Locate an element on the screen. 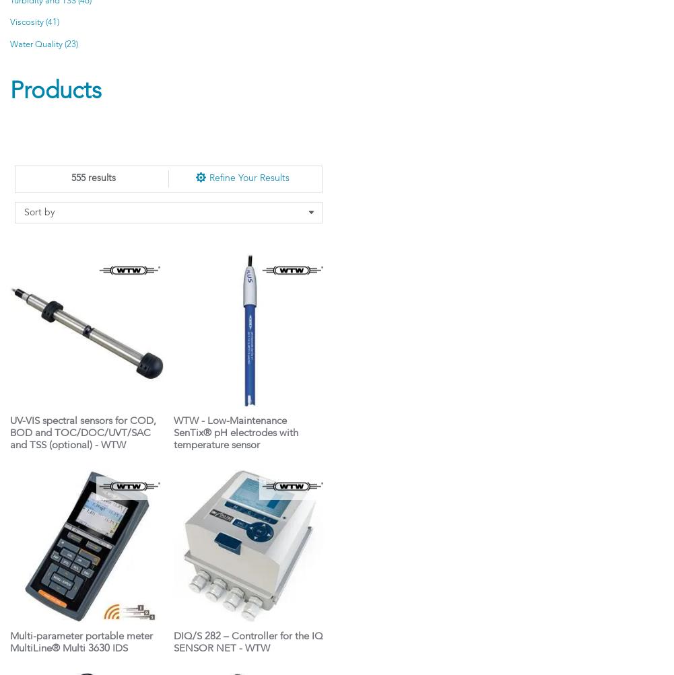 This screenshot has height=675, width=674. 'UV-VIS spectral sensors for COD, BOD and TOC/DOC/UVT/SAC and TSS (optional) - WTW' is located at coordinates (82, 433).